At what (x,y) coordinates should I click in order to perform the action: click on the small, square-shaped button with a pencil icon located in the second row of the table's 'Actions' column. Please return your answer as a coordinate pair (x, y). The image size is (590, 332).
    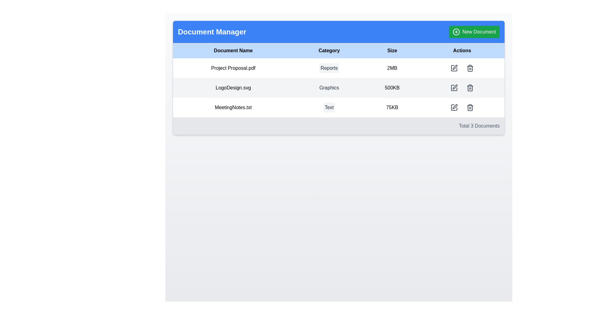
    Looking at the image, I should click on (454, 88).